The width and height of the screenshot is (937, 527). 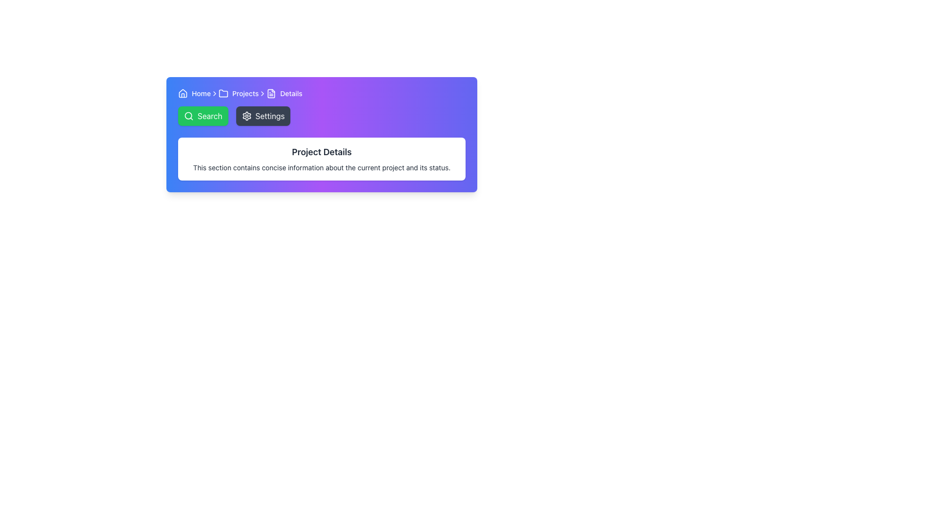 I want to click on the file icon in the breadcrumb navigation bar to navigate to the specific file's detail view, so click(x=271, y=94).